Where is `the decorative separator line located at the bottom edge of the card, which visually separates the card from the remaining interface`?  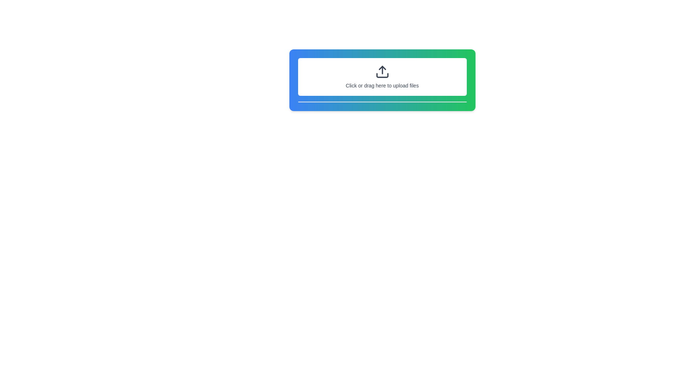 the decorative separator line located at the bottom edge of the card, which visually separates the card from the remaining interface is located at coordinates (382, 102).